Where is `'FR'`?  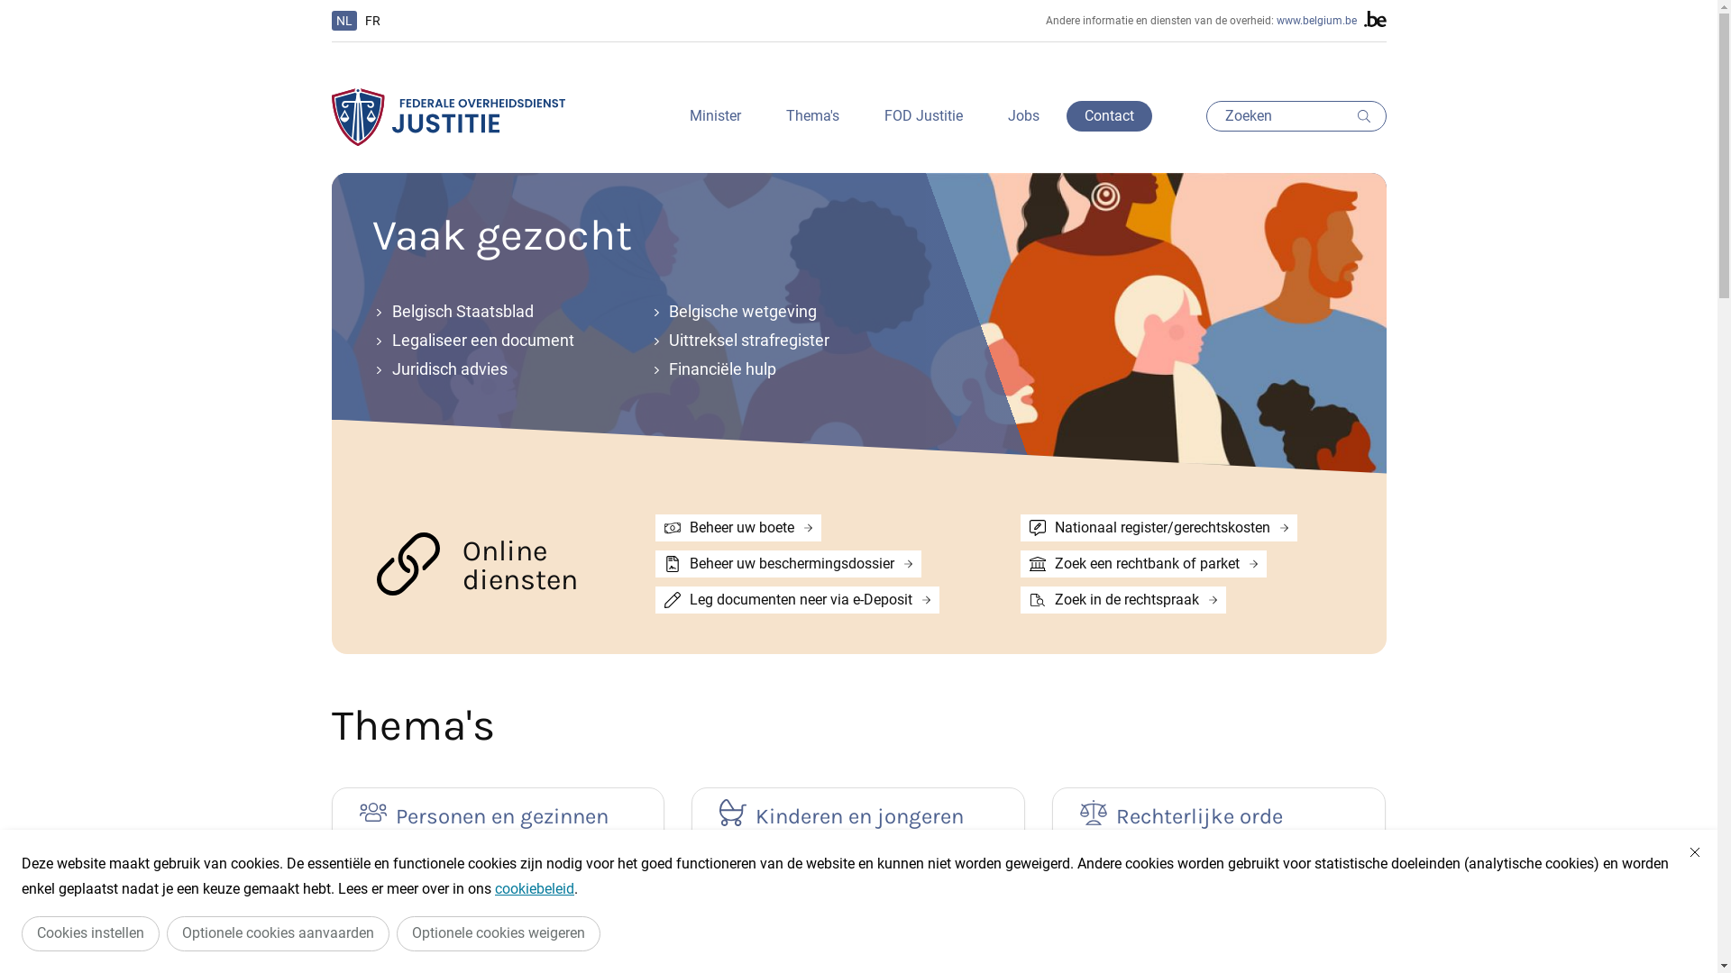 'FR' is located at coordinates (371, 21).